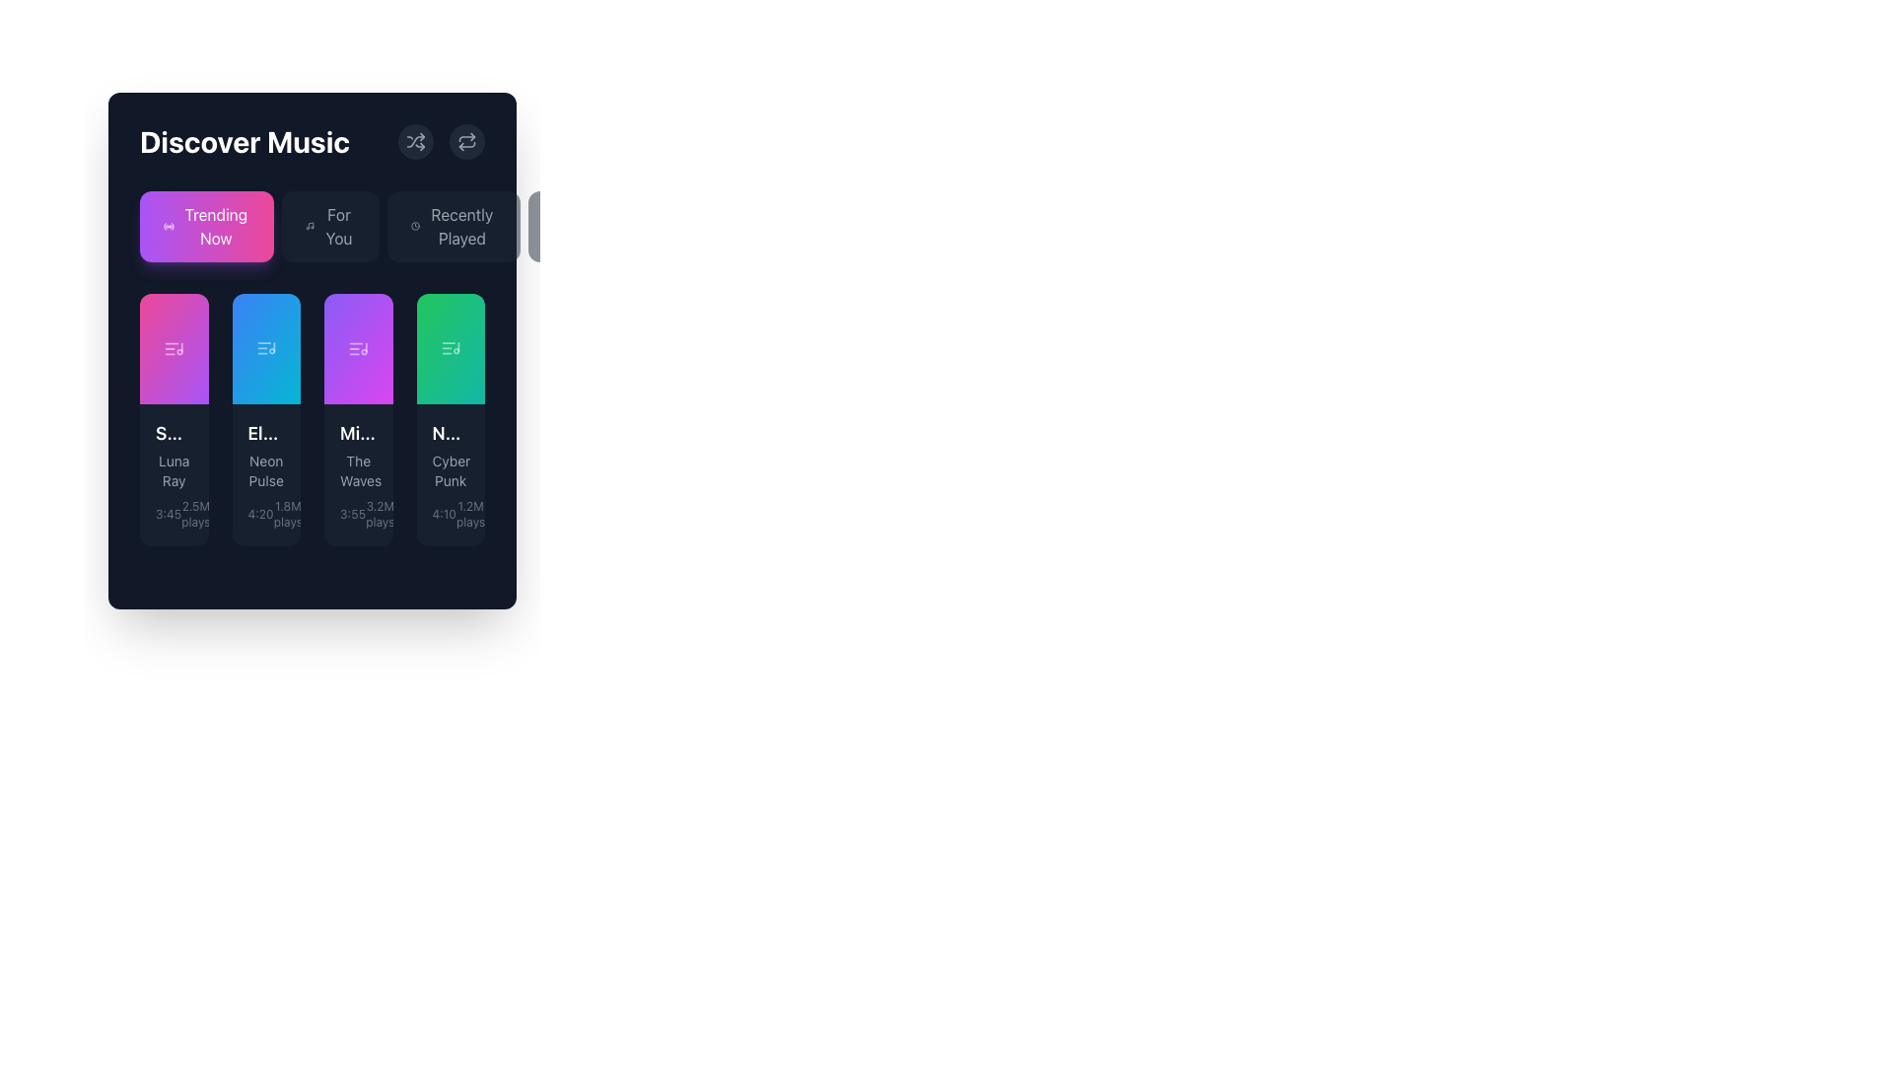 The width and height of the screenshot is (1893, 1065). I want to click on the first ListItem in the 'Trending Now' section, which displays the song title 'Summer Nights' with the artist name 'Luna Ray' and additional metadata, so click(174, 475).